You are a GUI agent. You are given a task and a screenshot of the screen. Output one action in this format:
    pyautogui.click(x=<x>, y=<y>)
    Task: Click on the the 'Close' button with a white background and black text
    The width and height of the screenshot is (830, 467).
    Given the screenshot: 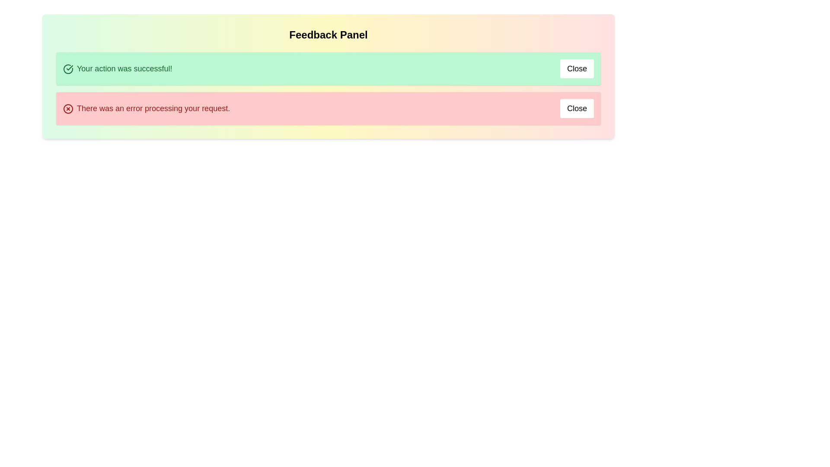 What is the action you would take?
    pyautogui.click(x=577, y=108)
    